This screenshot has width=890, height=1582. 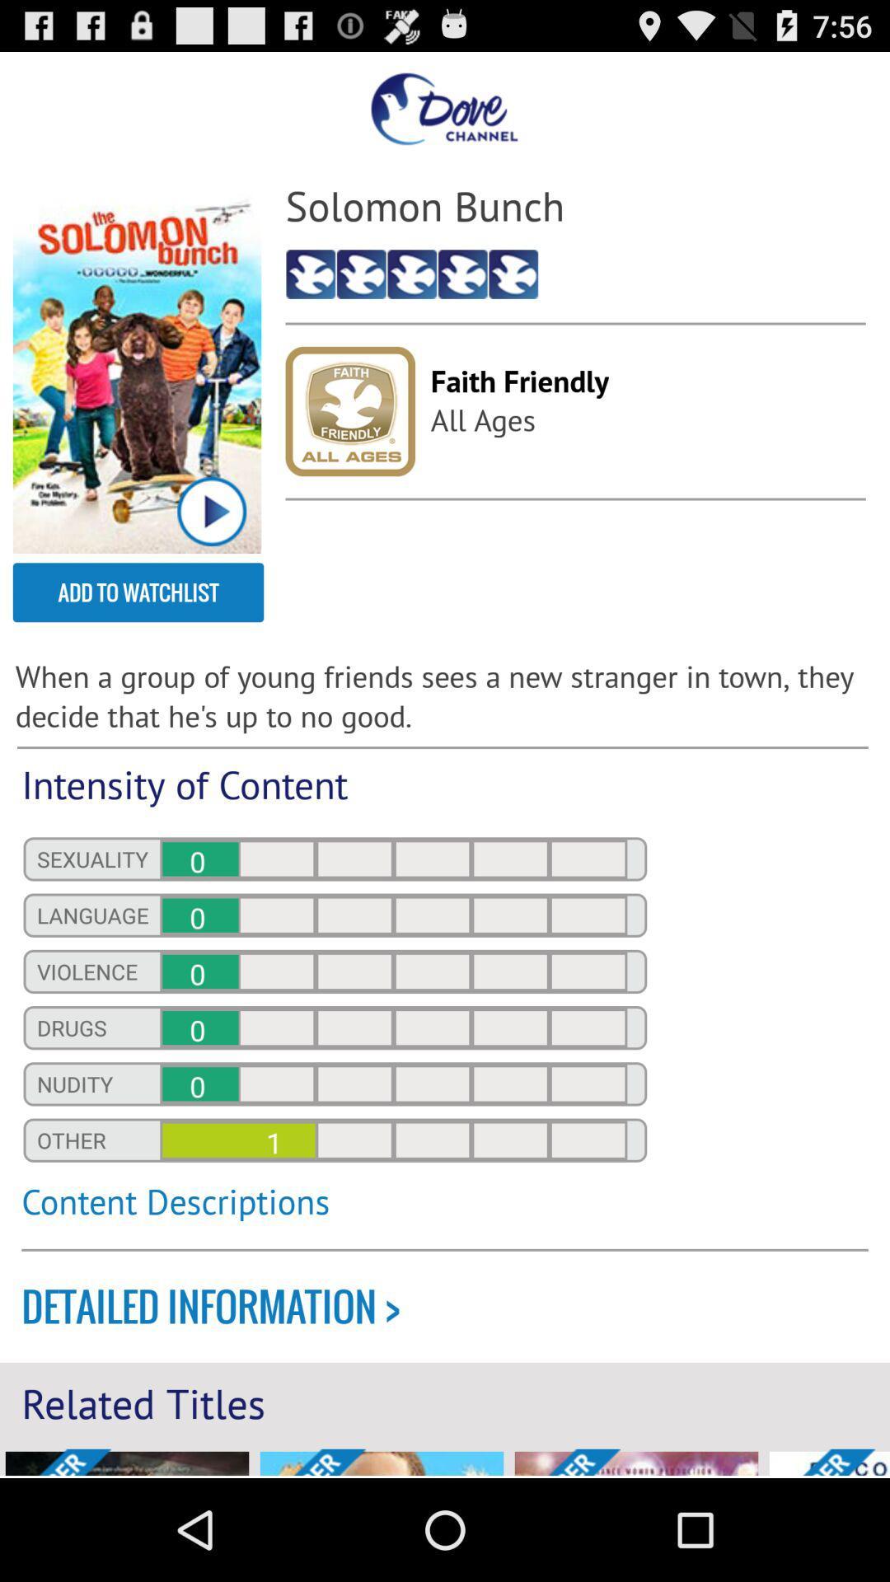 What do you see at coordinates (138, 592) in the screenshot?
I see `the icon above when a group icon` at bounding box center [138, 592].